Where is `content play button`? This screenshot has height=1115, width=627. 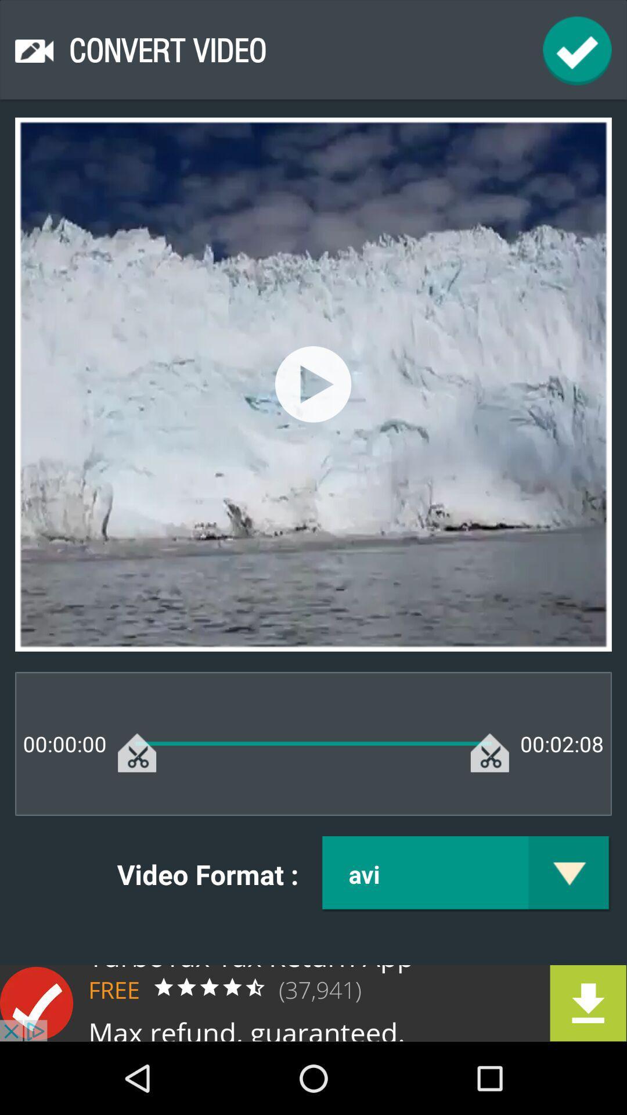
content play button is located at coordinates (312, 384).